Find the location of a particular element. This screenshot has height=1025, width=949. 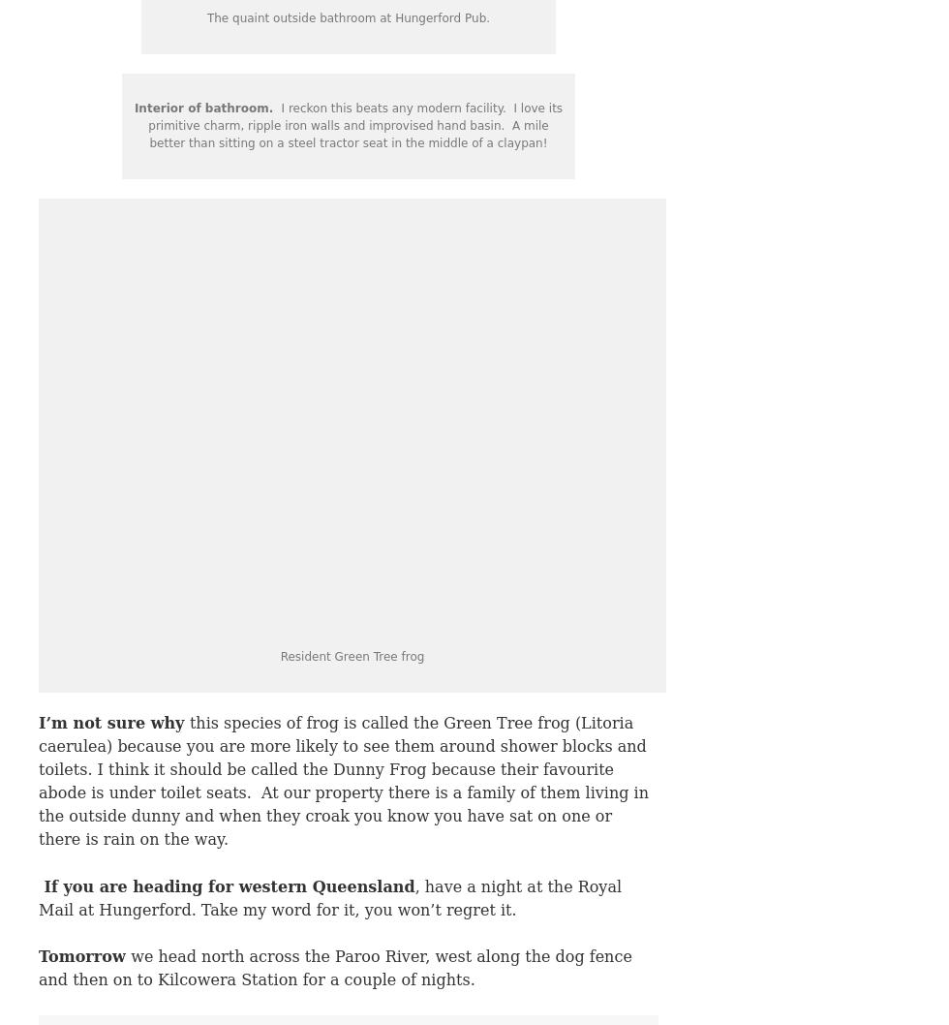

'I’m not sure why' is located at coordinates (113, 723).